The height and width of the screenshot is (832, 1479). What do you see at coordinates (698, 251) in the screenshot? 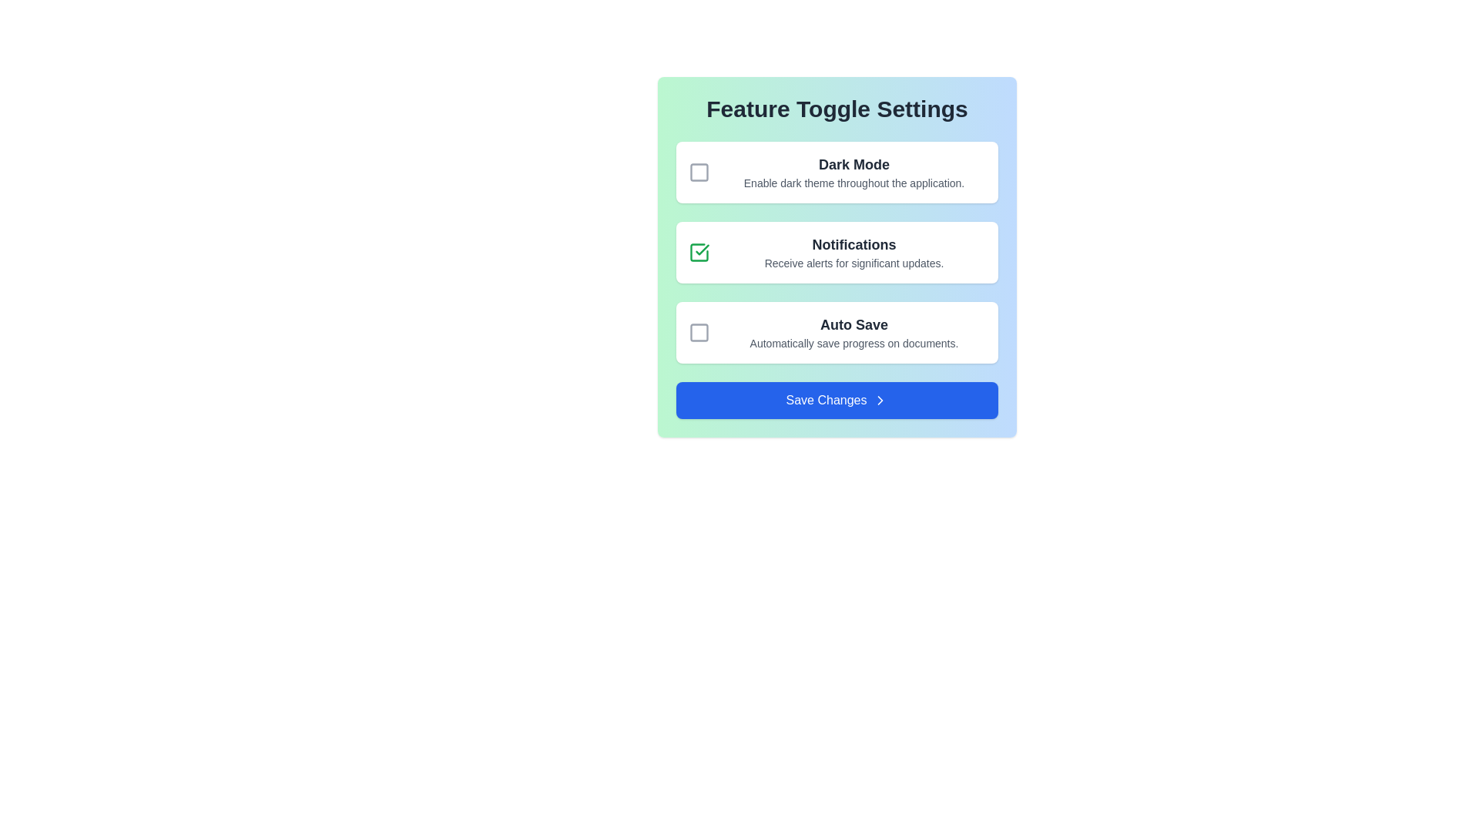
I see `the 'Notifications' Checkbox located under 'Feature Toggle Settings'` at bounding box center [698, 251].